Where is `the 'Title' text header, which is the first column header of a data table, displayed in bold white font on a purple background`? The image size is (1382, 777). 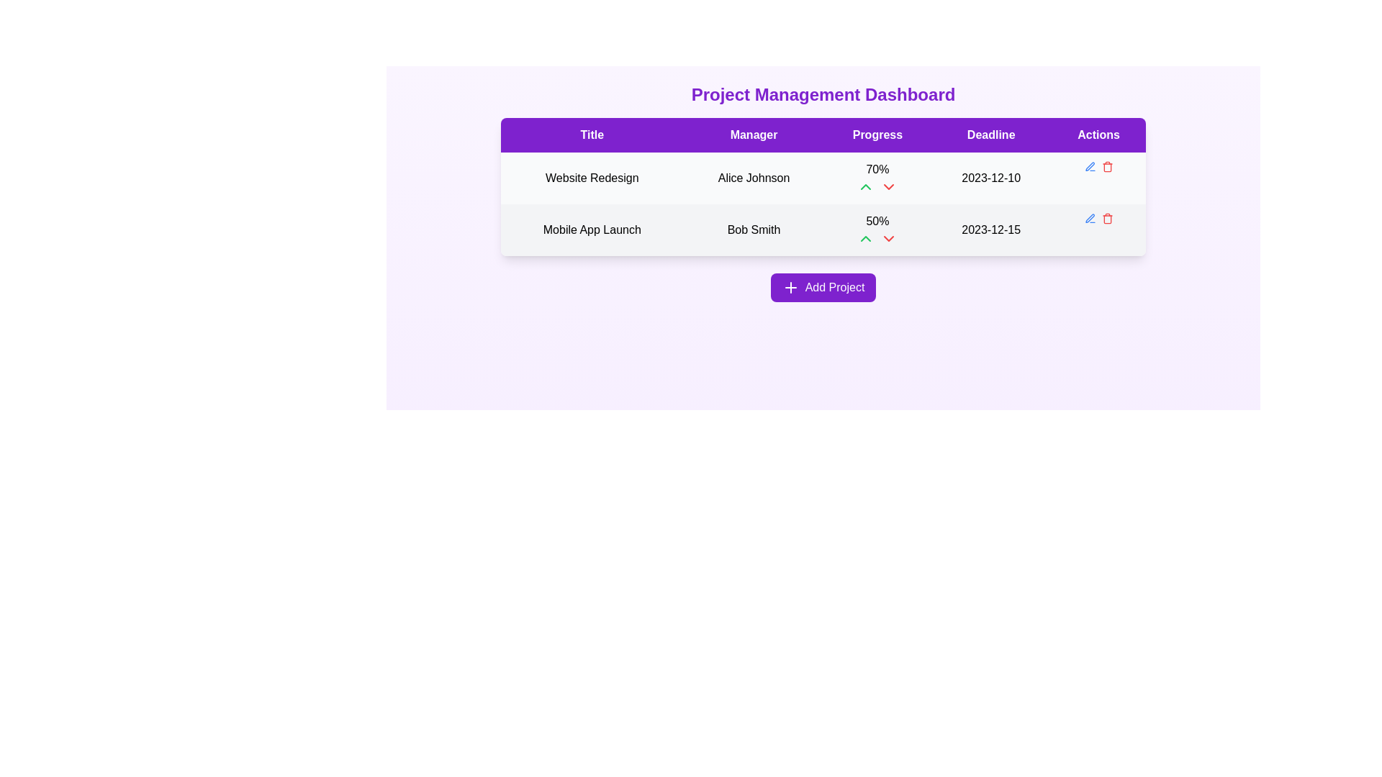
the 'Title' text header, which is the first column header of a data table, displayed in bold white font on a purple background is located at coordinates (592, 135).